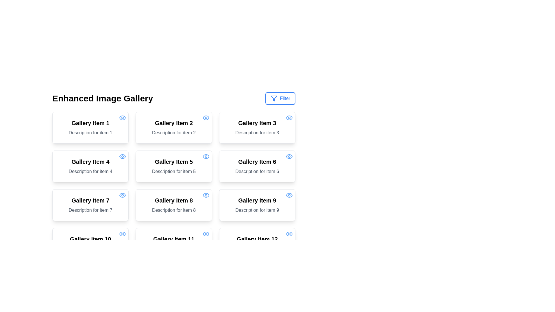 The width and height of the screenshot is (555, 312). Describe the element at coordinates (257, 122) in the screenshot. I see `the title text of the third card in the image gallery, which serves as a heading for the gallery item` at that location.